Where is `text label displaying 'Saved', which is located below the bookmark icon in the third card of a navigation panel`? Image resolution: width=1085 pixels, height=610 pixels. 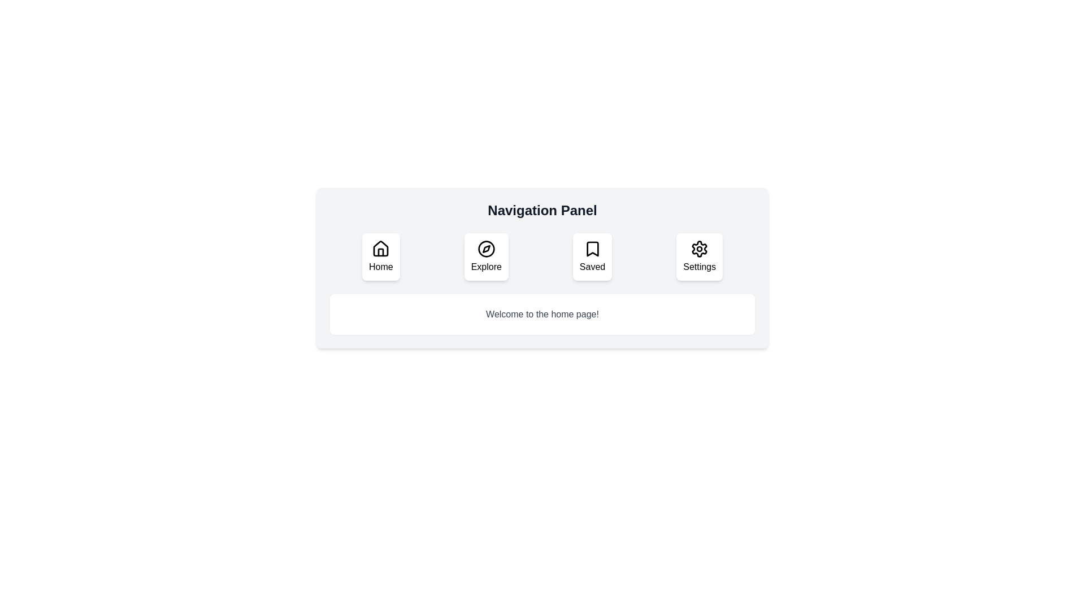 text label displaying 'Saved', which is located below the bookmark icon in the third card of a navigation panel is located at coordinates (592, 267).